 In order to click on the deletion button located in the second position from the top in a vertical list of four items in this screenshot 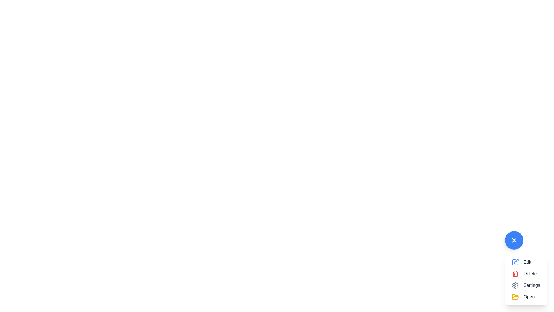, I will do `click(526, 274)`.